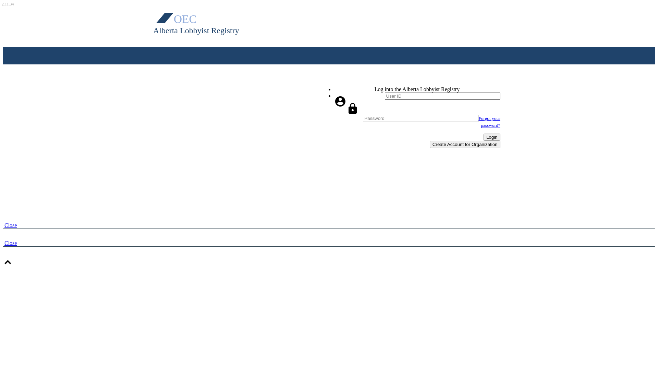  What do you see at coordinates (465, 144) in the screenshot?
I see `'Create Account for Organization'` at bounding box center [465, 144].